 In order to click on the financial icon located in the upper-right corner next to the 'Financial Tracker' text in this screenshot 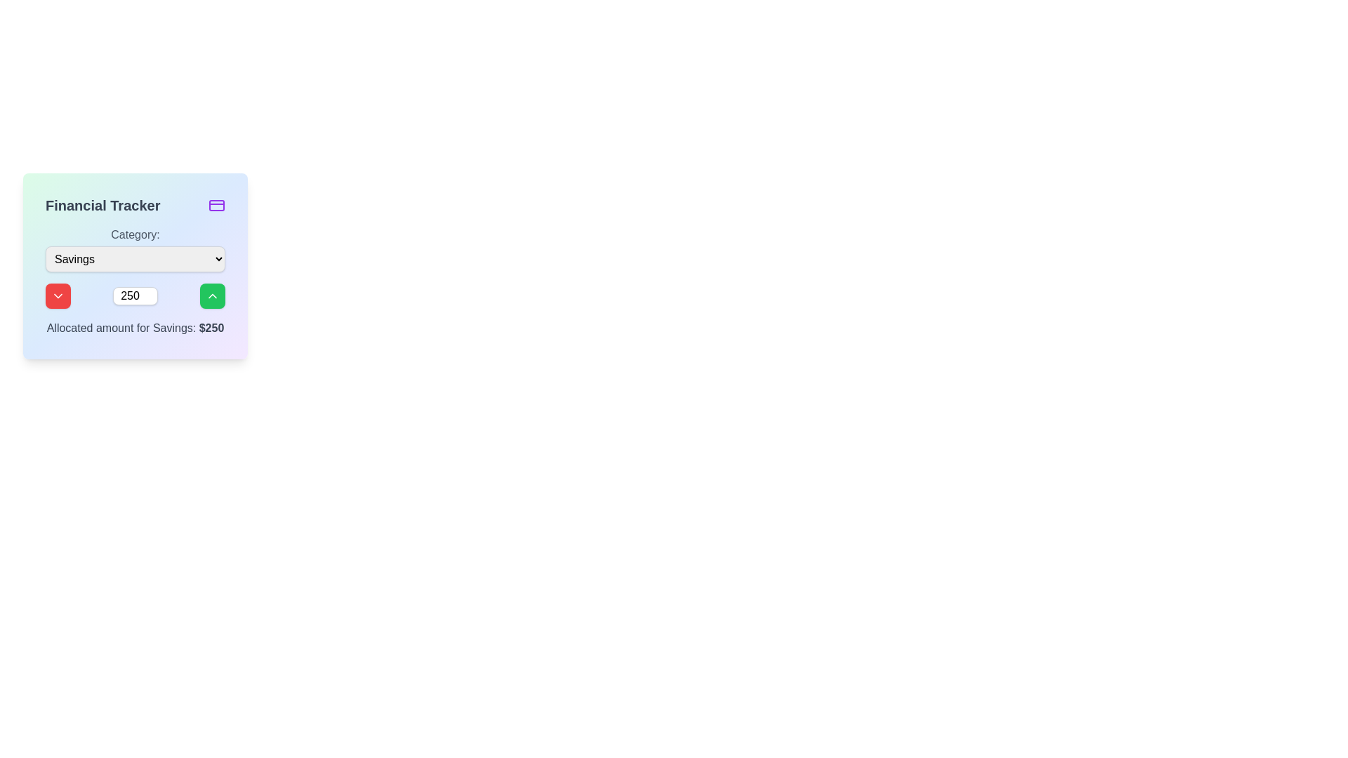, I will do `click(216, 206)`.